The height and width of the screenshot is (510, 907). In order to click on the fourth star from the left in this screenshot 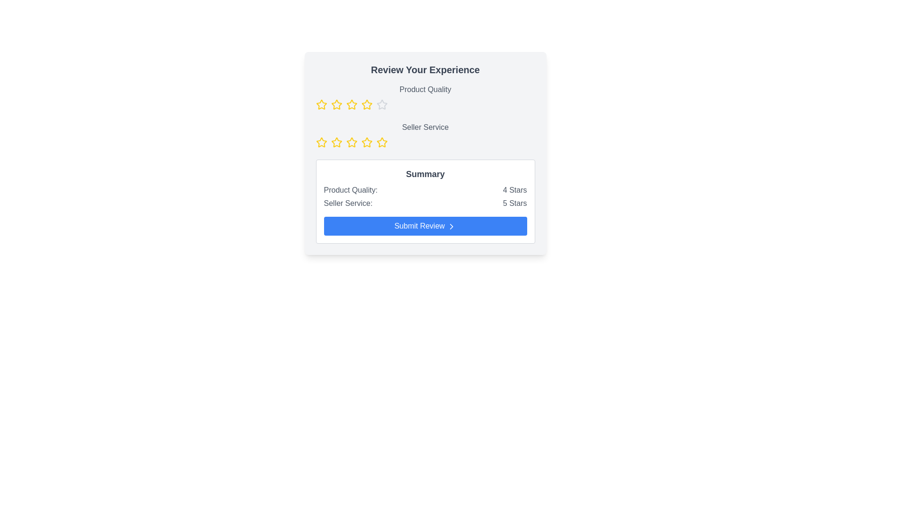, I will do `click(351, 142)`.